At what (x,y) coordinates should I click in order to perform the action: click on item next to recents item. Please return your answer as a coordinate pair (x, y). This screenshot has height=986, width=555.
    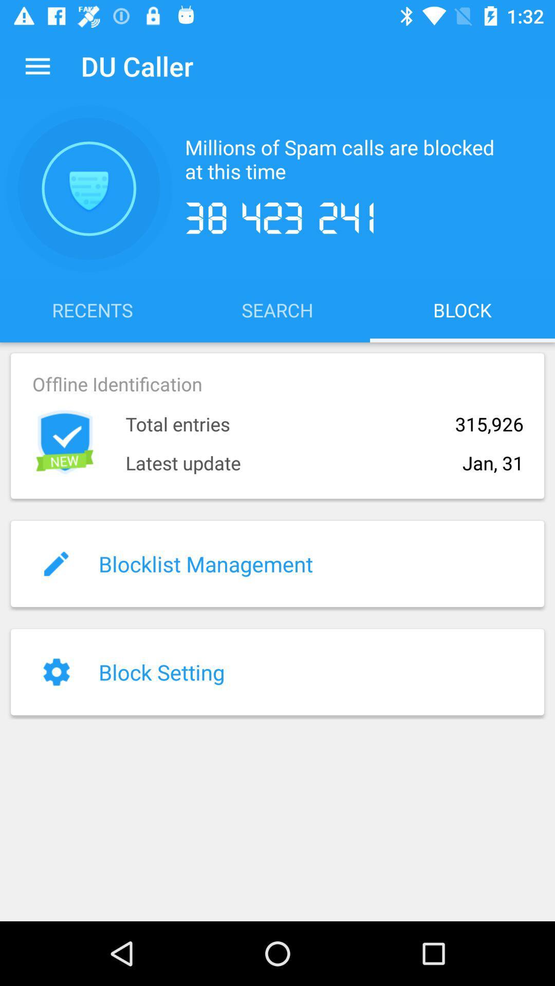
    Looking at the image, I should click on (277, 309).